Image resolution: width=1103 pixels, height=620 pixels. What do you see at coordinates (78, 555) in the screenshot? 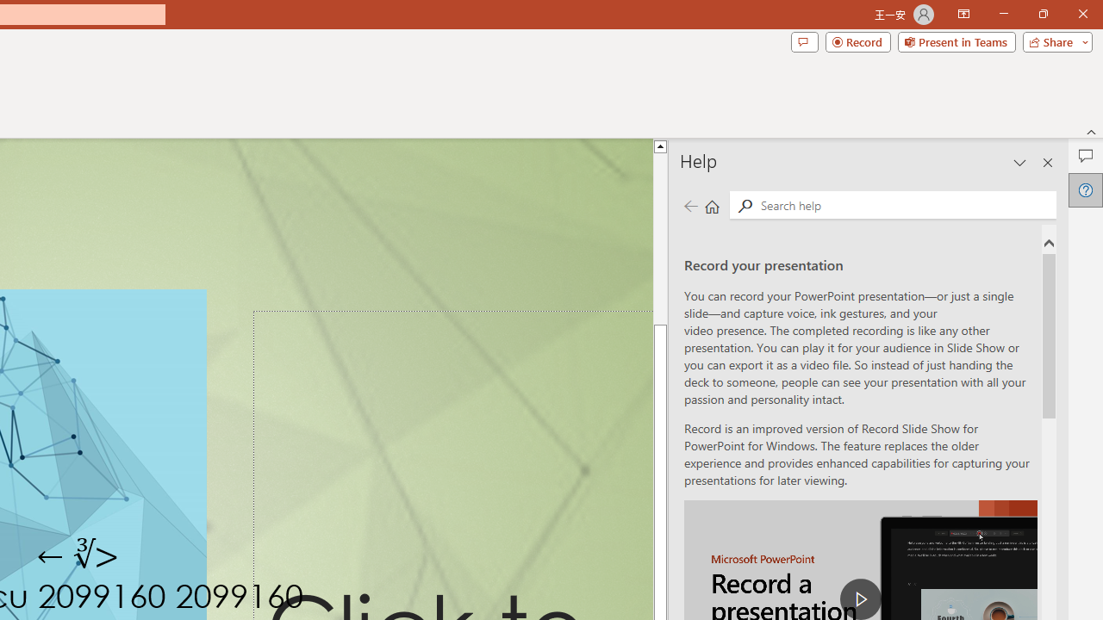
I see `'TextBox 7'` at bounding box center [78, 555].